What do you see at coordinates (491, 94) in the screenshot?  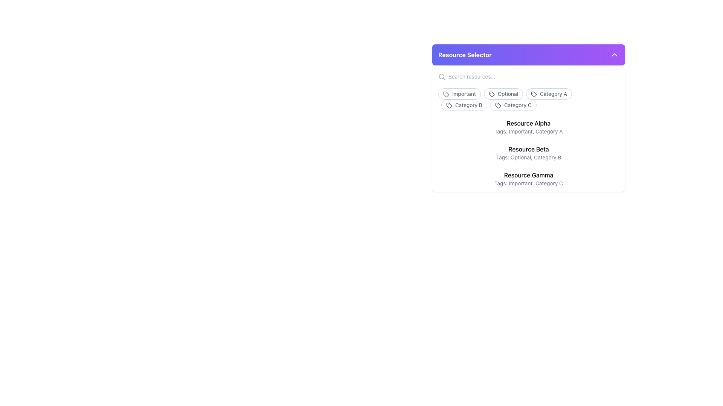 I see `the icon that visually indicates the 'Optional' category, located to the left of the 'Optional' text in the top right area of the interface` at bounding box center [491, 94].